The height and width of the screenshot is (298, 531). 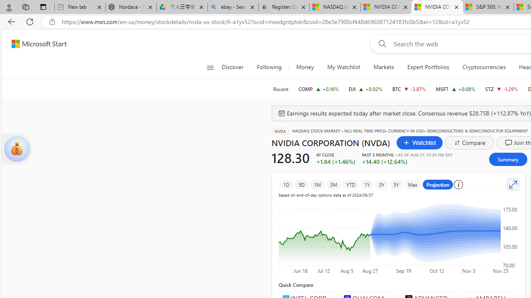 What do you see at coordinates (409, 89) in the screenshot?
I see `'BTC Bitcoin decrease 60,049.35 -2,320.91 -3.87%'` at bounding box center [409, 89].